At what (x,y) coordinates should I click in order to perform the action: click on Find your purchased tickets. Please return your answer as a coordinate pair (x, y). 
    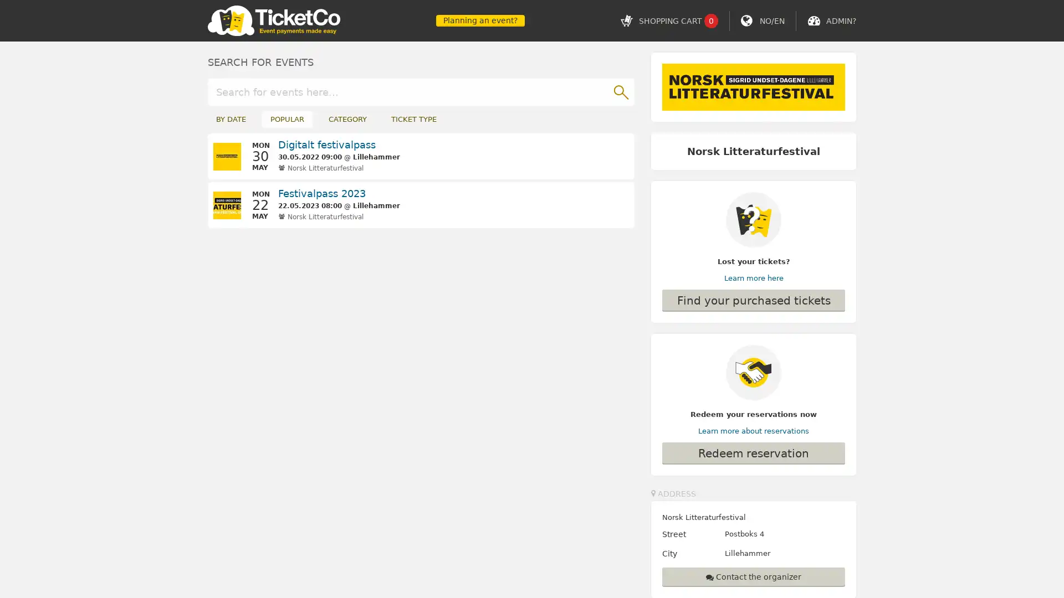
    Looking at the image, I should click on (753, 300).